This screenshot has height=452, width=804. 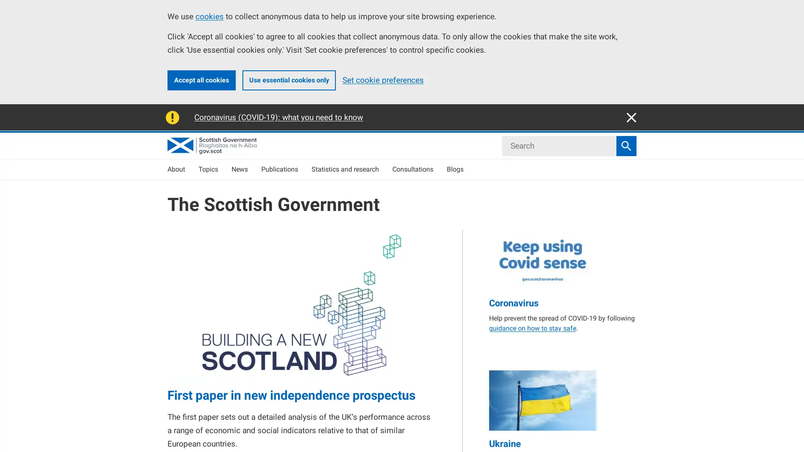 I want to click on Use essential cookies only, so click(x=289, y=80).